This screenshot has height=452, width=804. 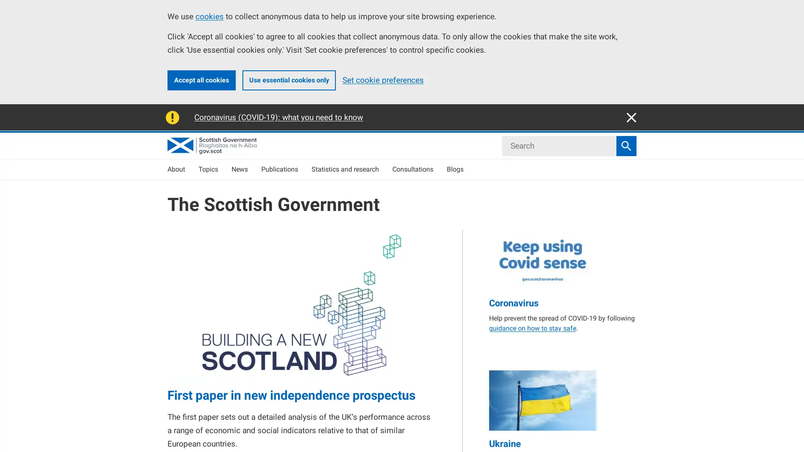 I want to click on Use essential cookies only, so click(x=289, y=80).